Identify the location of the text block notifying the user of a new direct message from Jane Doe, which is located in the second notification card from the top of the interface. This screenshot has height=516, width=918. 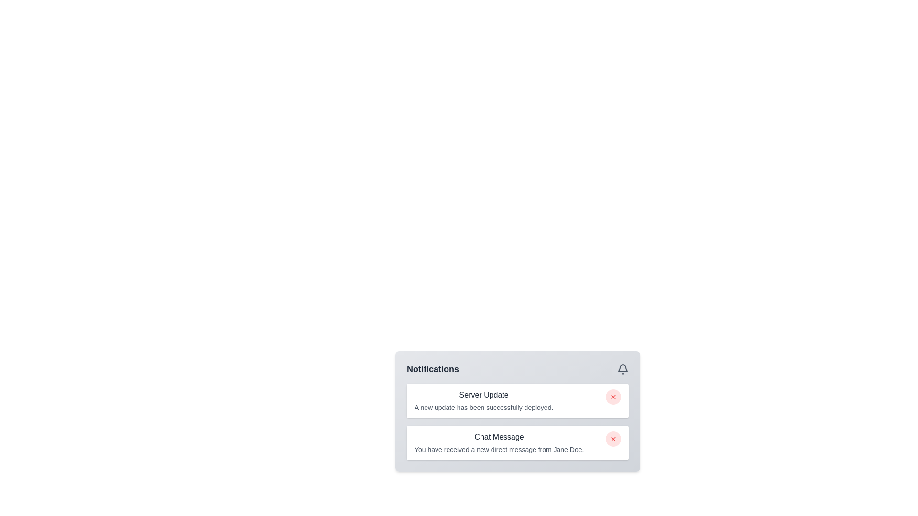
(499, 442).